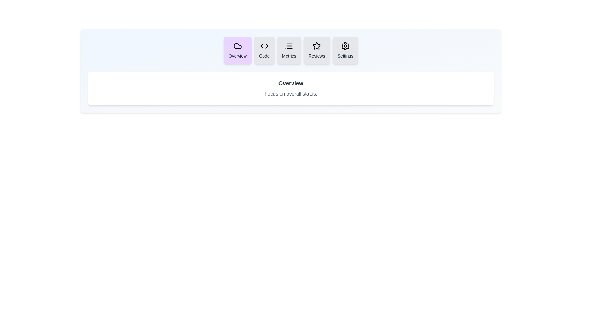  Describe the element at coordinates (317, 50) in the screenshot. I see `the tab labeled Reviews` at that location.